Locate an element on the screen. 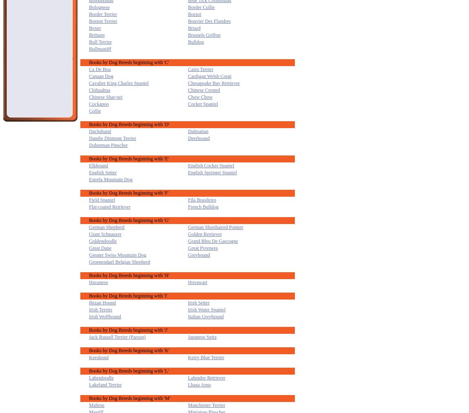  'Labradoodle' is located at coordinates (101, 377).